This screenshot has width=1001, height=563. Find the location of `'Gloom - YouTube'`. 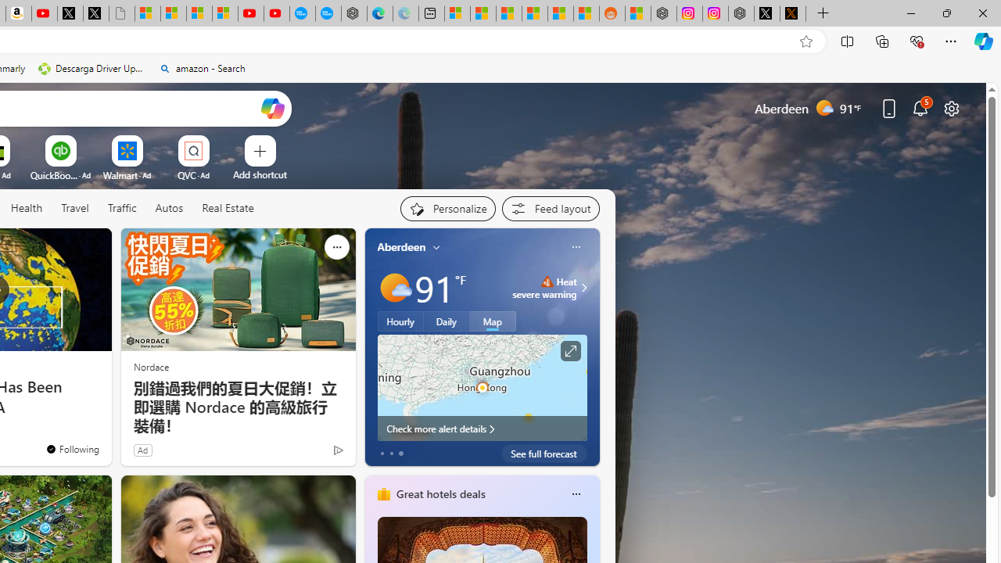

'Gloom - YouTube' is located at coordinates (250, 13).